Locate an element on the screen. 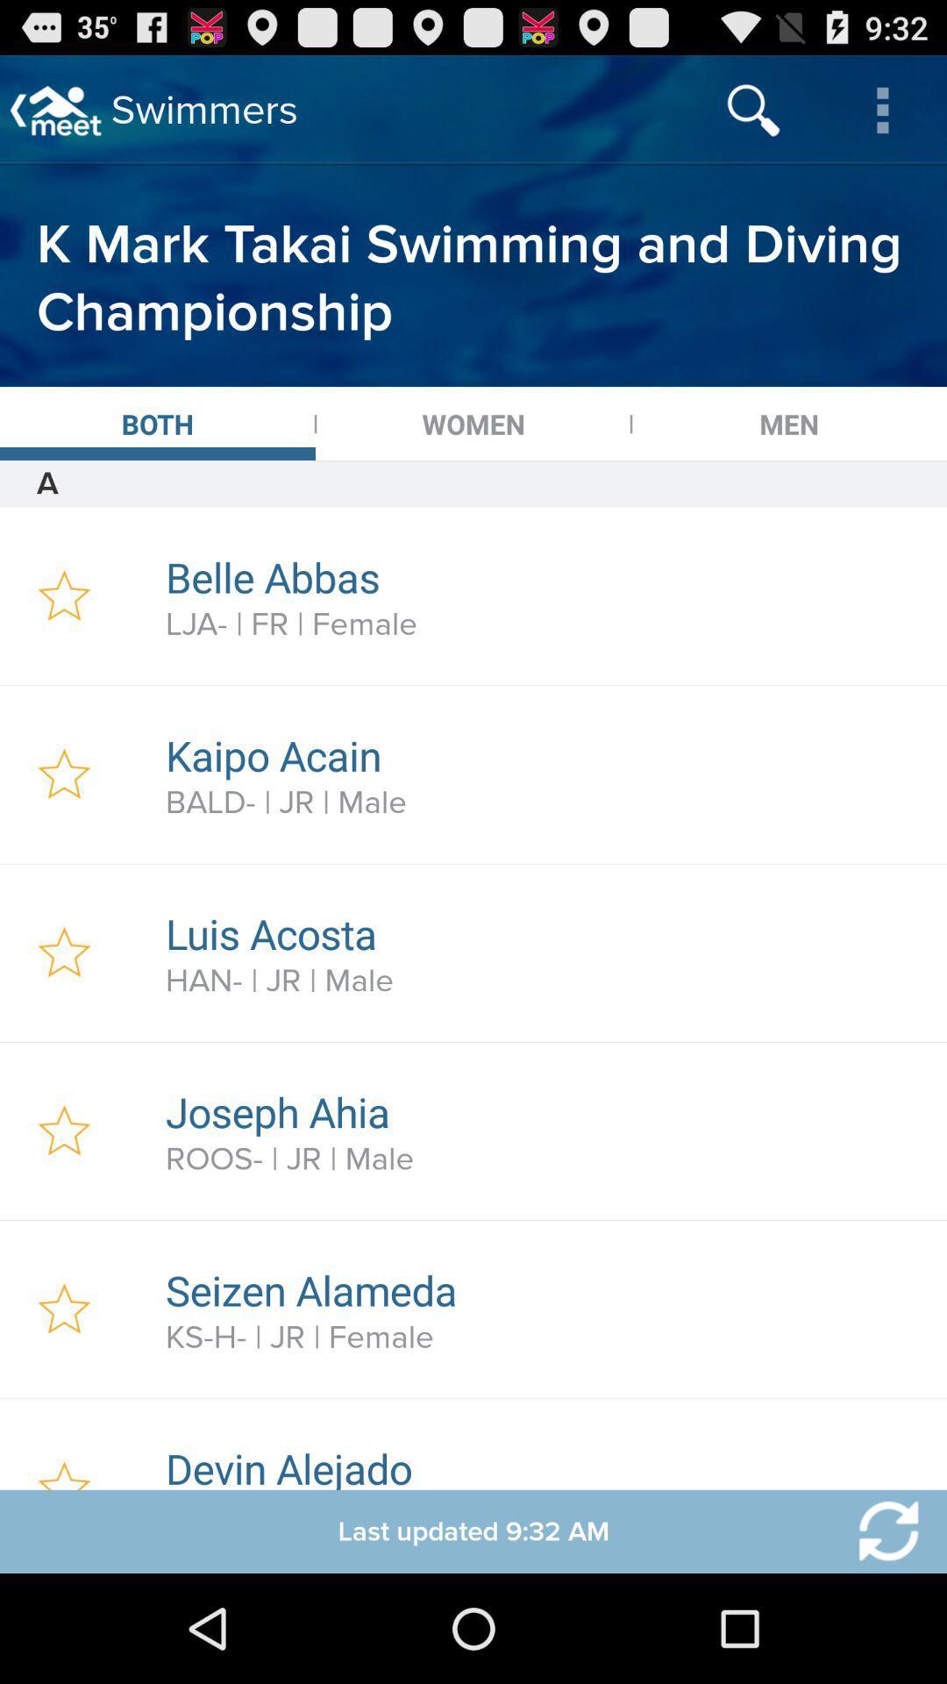 This screenshot has width=947, height=1684. to favorites is located at coordinates (63, 774).